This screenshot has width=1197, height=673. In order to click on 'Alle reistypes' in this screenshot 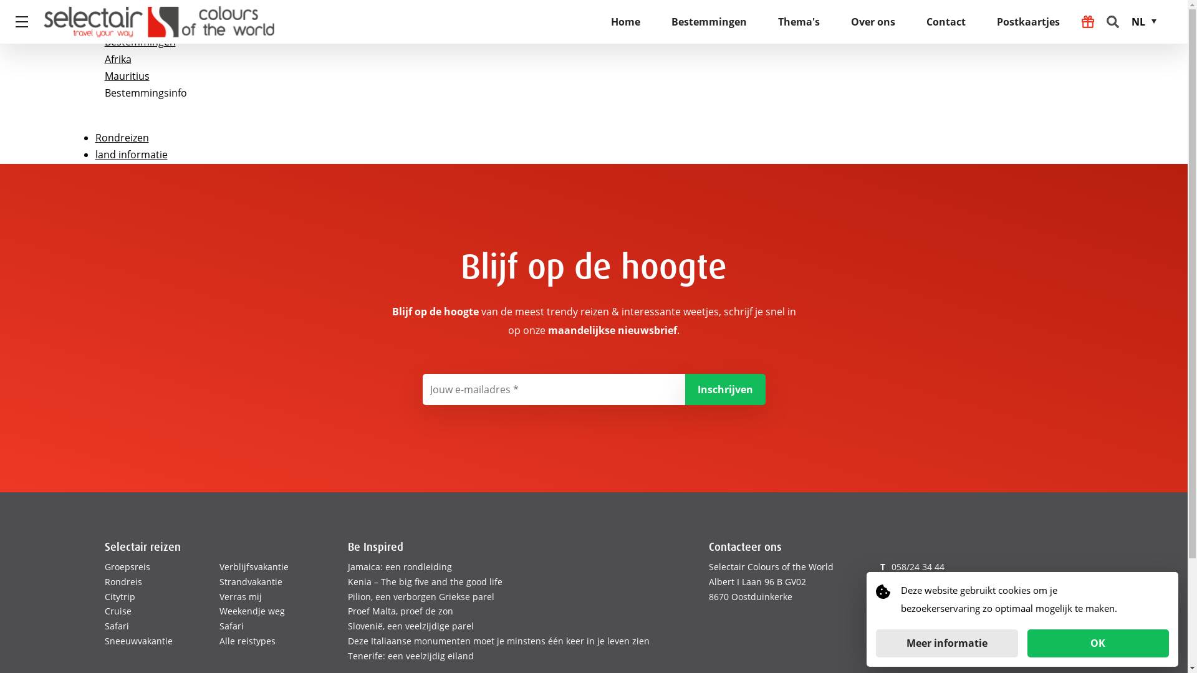, I will do `click(248, 641)`.